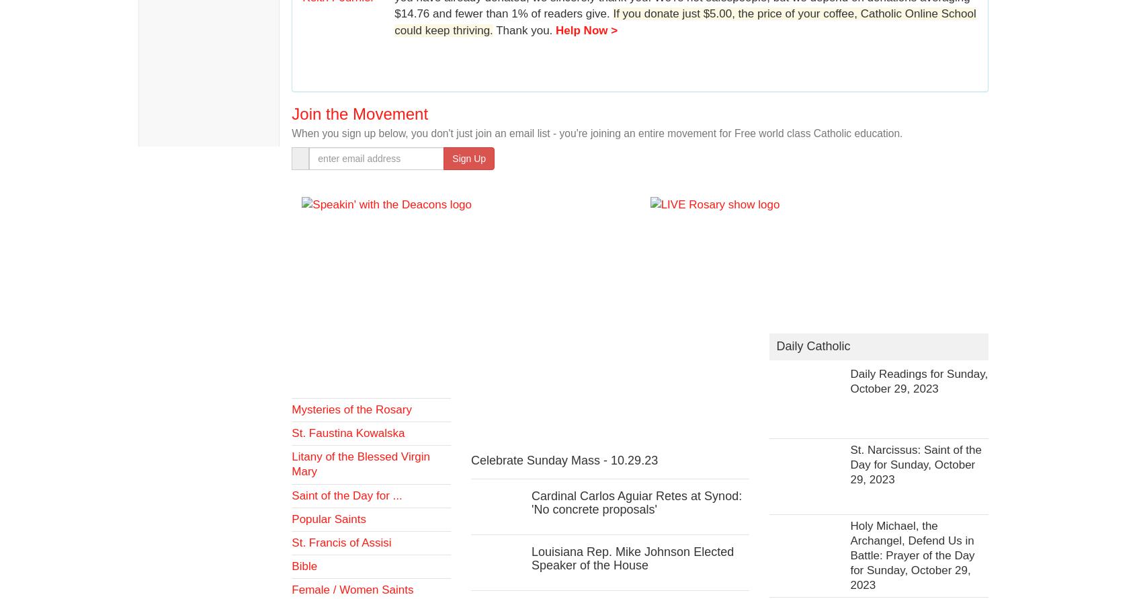 Image resolution: width=1137 pixels, height=599 pixels. What do you see at coordinates (916, 464) in the screenshot?
I see `'St. Narcissus: Saint of the Day for Sunday, October 29, 2023'` at bounding box center [916, 464].